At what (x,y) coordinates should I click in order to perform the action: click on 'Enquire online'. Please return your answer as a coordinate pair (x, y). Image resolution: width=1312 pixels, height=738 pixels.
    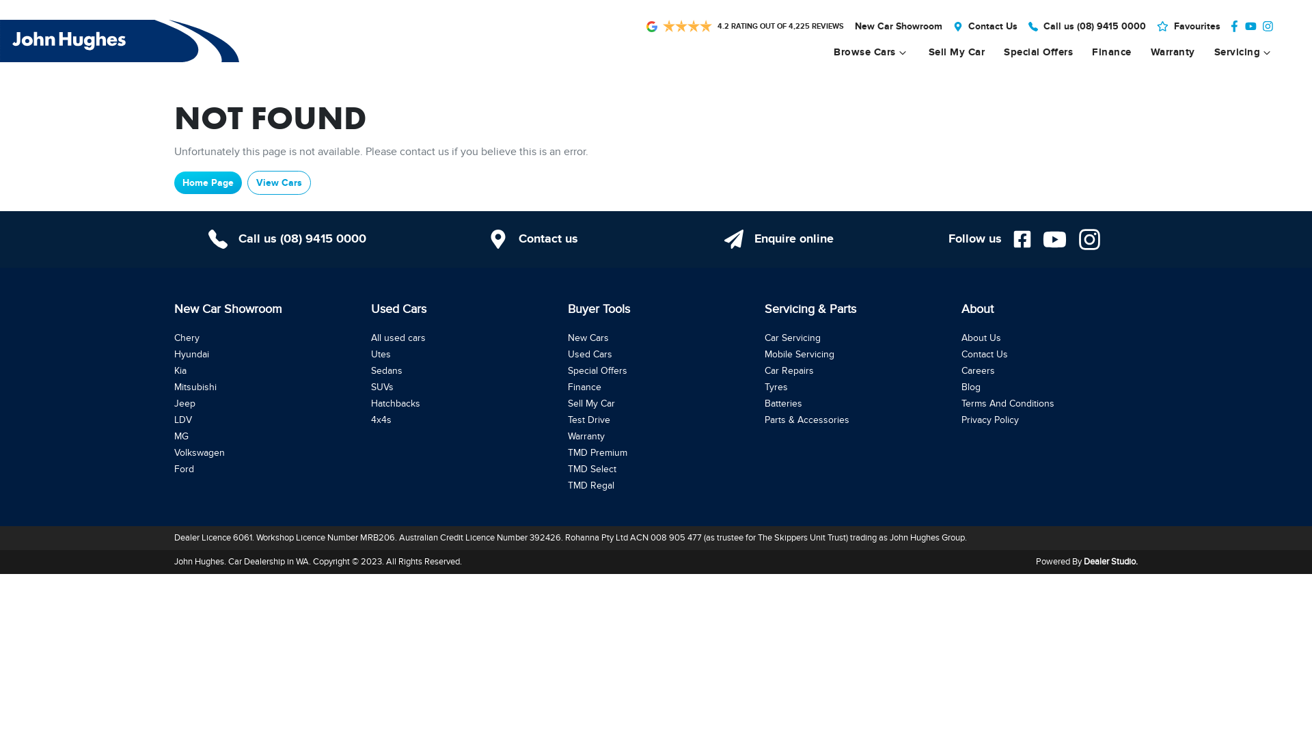
    Looking at the image, I should click on (724, 238).